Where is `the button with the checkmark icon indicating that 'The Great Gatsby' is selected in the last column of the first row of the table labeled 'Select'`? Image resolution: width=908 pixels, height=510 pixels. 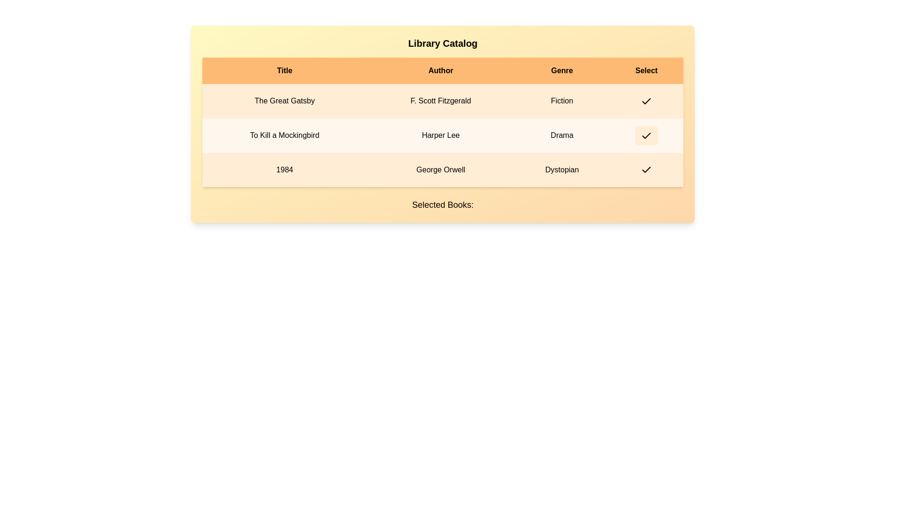 the button with the checkmark icon indicating that 'The Great Gatsby' is selected in the last column of the first row of the table labeled 'Select' is located at coordinates (646, 101).